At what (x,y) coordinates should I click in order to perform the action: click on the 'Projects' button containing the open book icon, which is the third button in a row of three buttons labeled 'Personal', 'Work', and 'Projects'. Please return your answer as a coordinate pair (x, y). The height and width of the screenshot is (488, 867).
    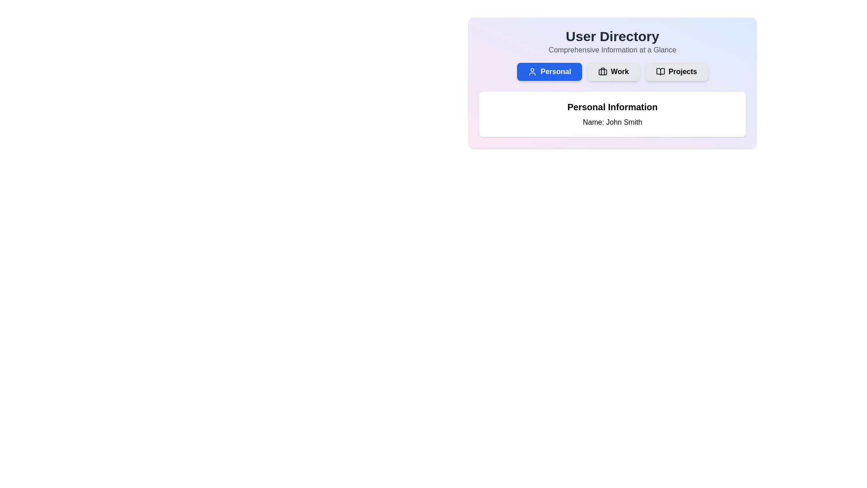
    Looking at the image, I should click on (660, 71).